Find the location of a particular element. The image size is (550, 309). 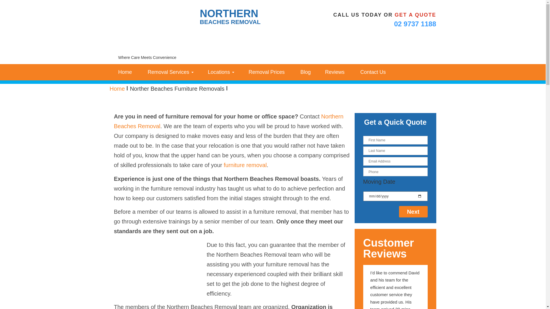

' Blog' is located at coordinates (305, 72).